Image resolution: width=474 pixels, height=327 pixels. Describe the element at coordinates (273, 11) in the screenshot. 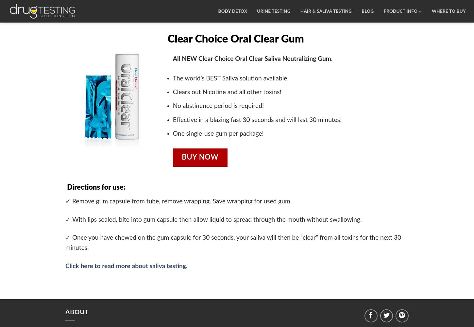

I see `'URINE TESTING'` at that location.